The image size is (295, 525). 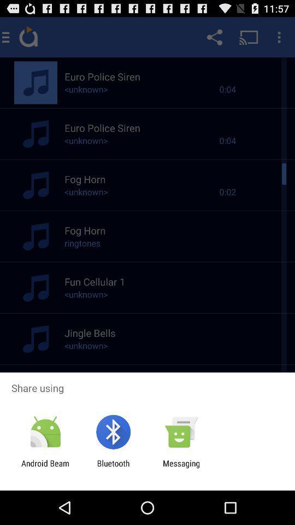 What do you see at coordinates (113, 468) in the screenshot?
I see `the bluetooth icon` at bounding box center [113, 468].